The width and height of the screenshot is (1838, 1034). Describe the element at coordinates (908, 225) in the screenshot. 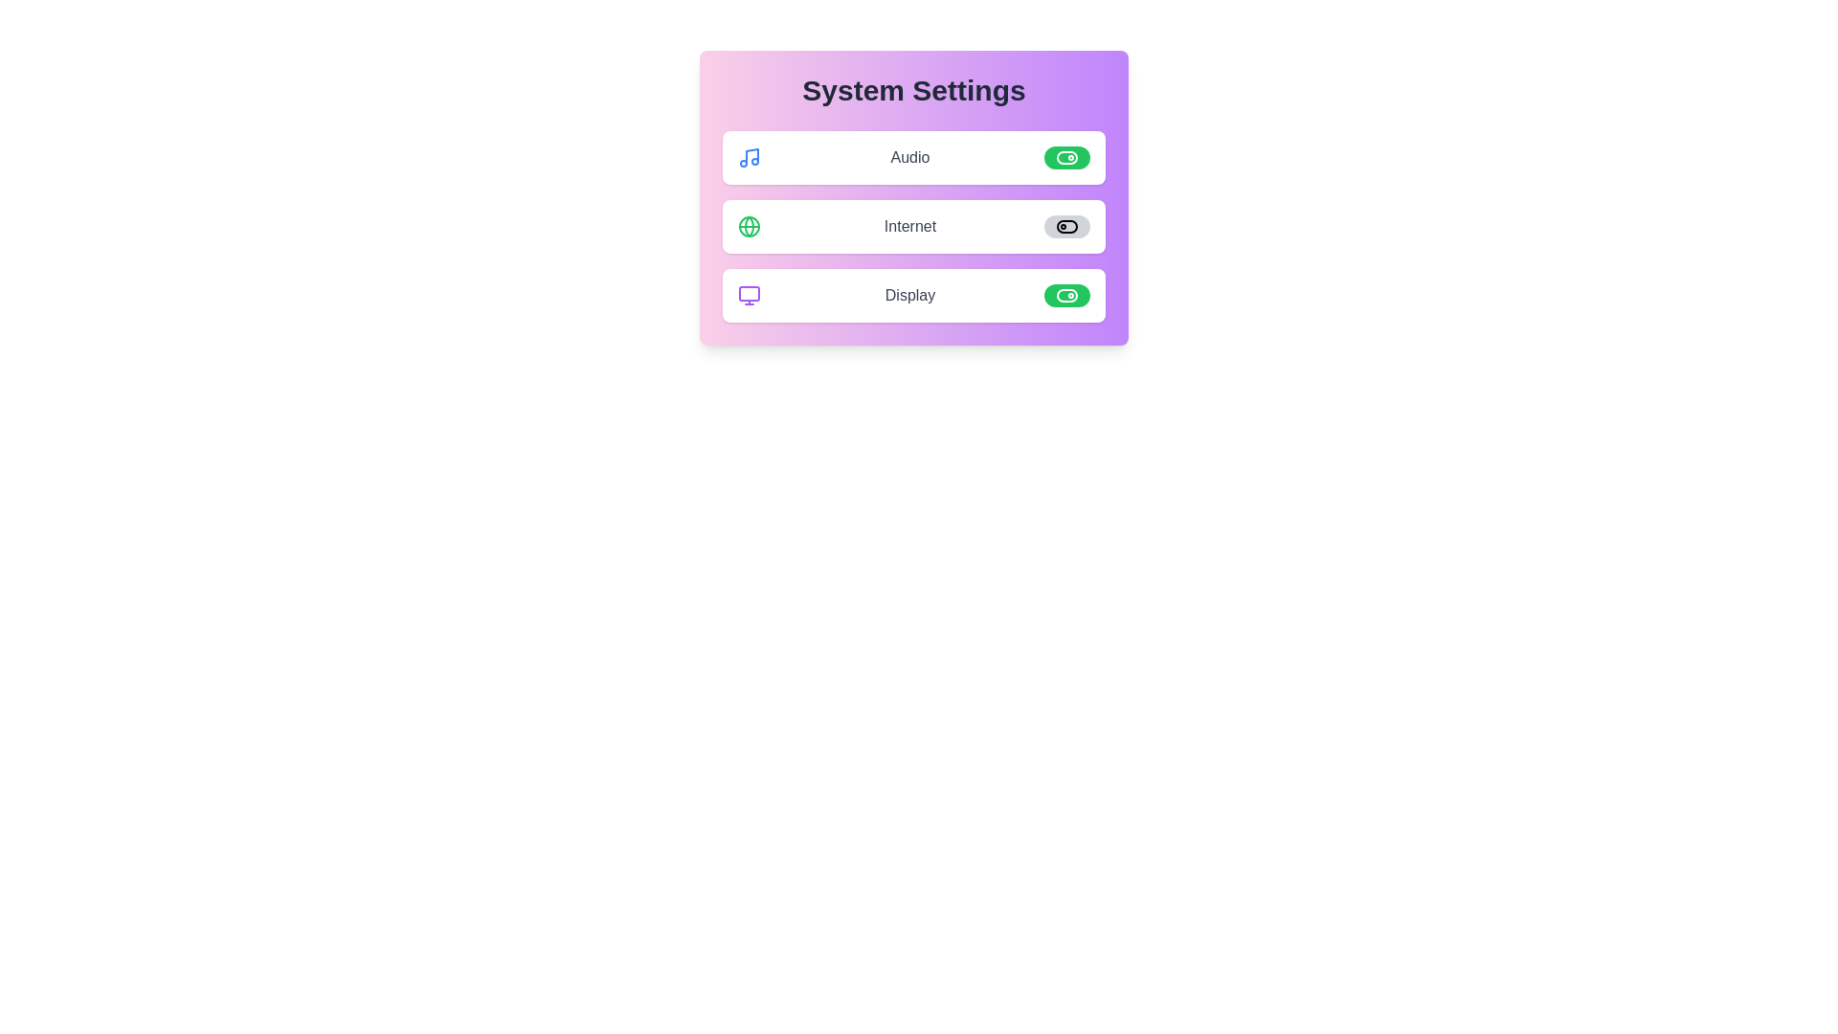

I see `the 'Internet' static text label, which is the second item in a vertical list of three elements, positioned below the 'Audio' section and above the 'Display' section, aligned beside the globe icon and toggle switch` at that location.